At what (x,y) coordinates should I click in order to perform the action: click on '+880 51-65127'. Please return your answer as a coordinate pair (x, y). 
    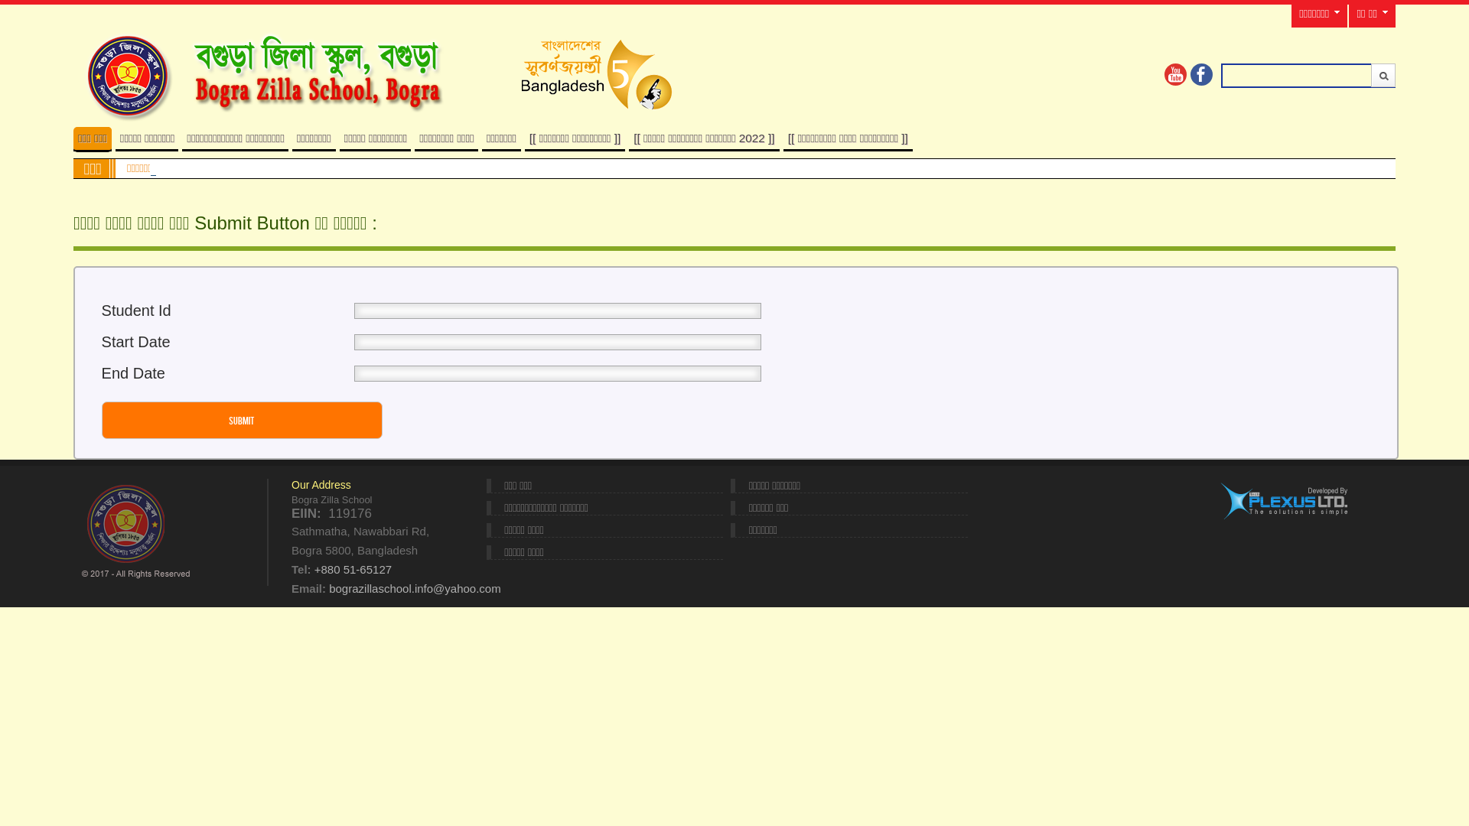
    Looking at the image, I should click on (314, 569).